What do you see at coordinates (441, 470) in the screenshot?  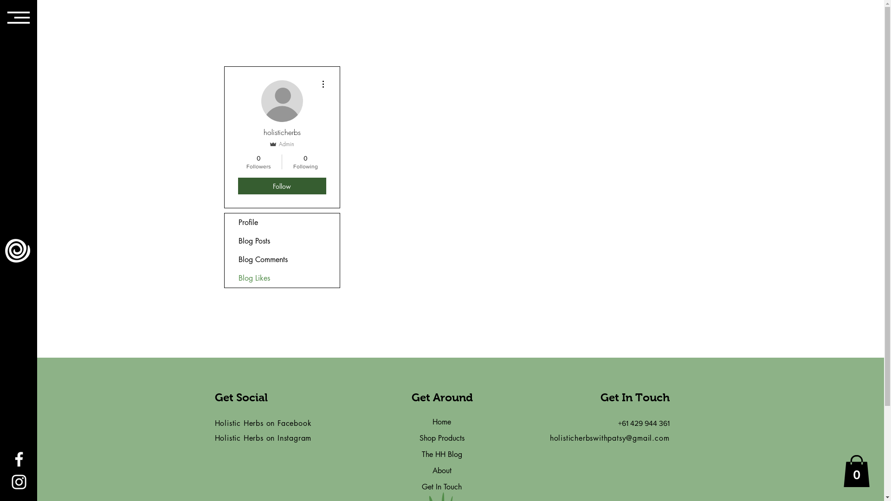 I see `'About'` at bounding box center [441, 470].